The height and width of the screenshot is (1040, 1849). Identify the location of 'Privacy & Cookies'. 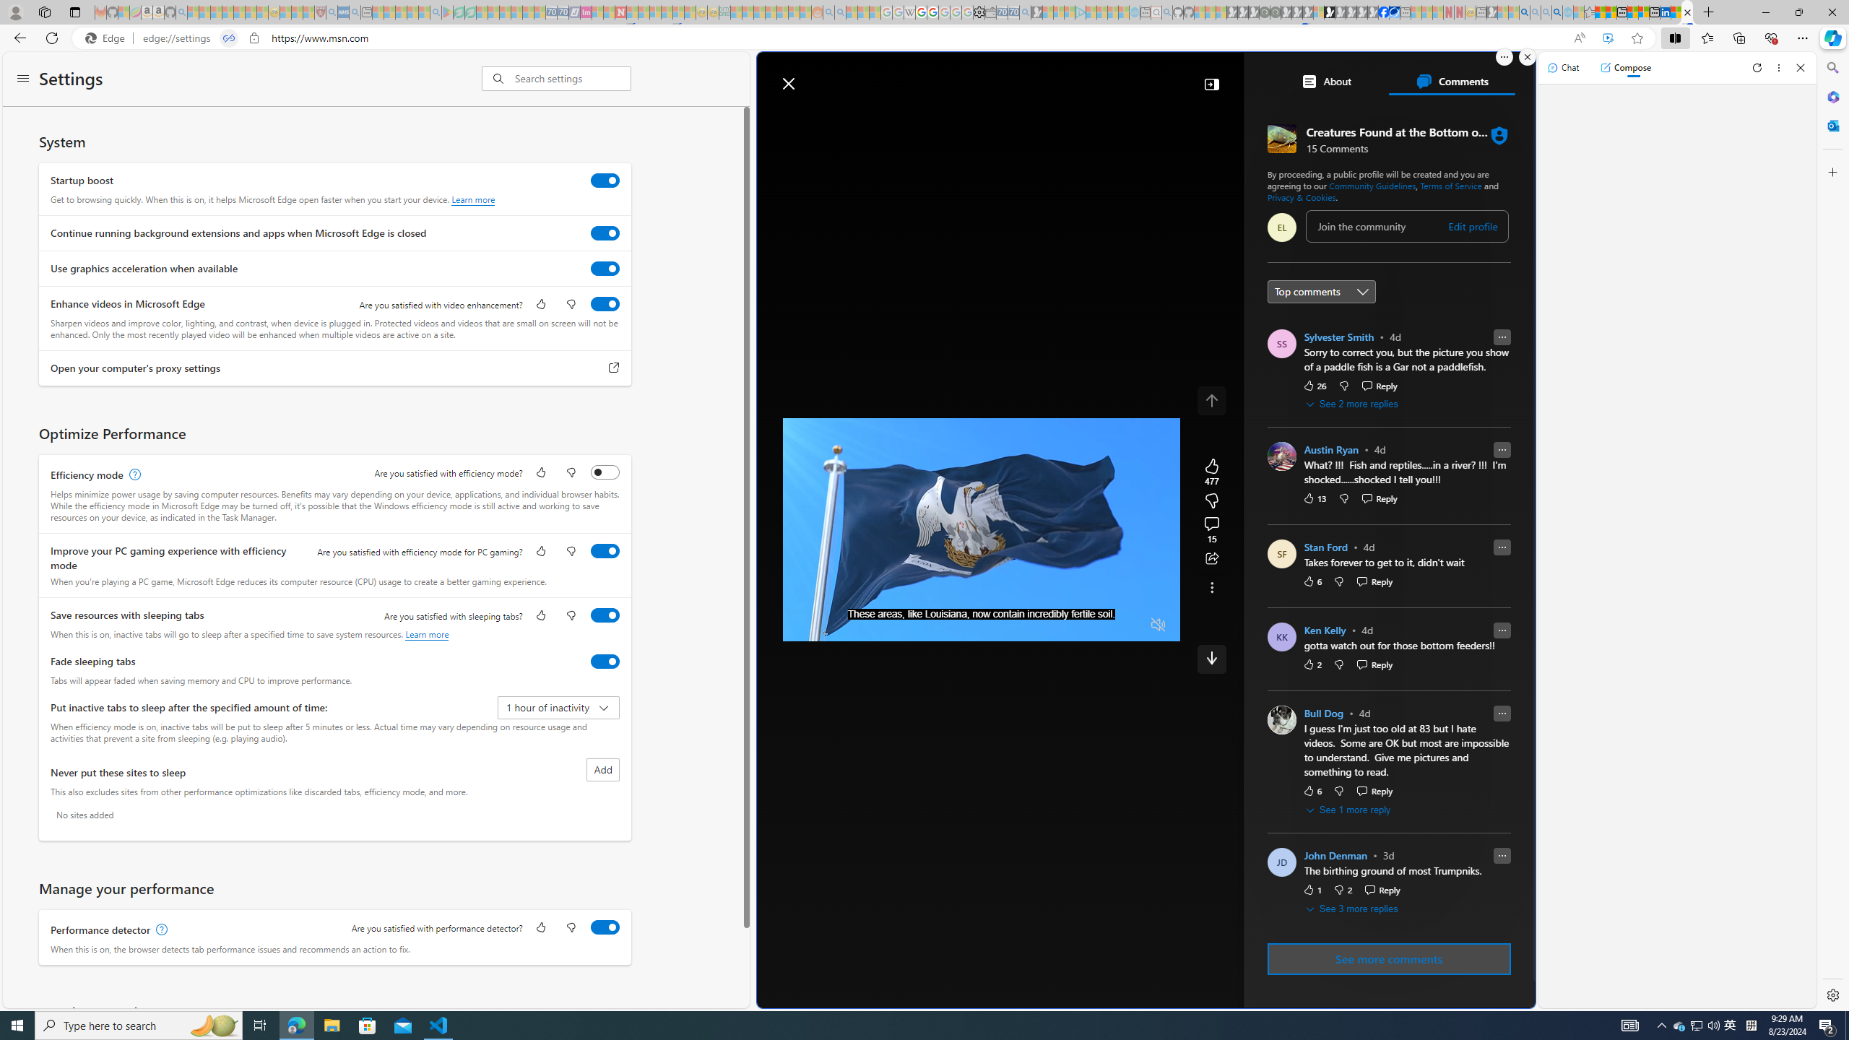
(1301, 196).